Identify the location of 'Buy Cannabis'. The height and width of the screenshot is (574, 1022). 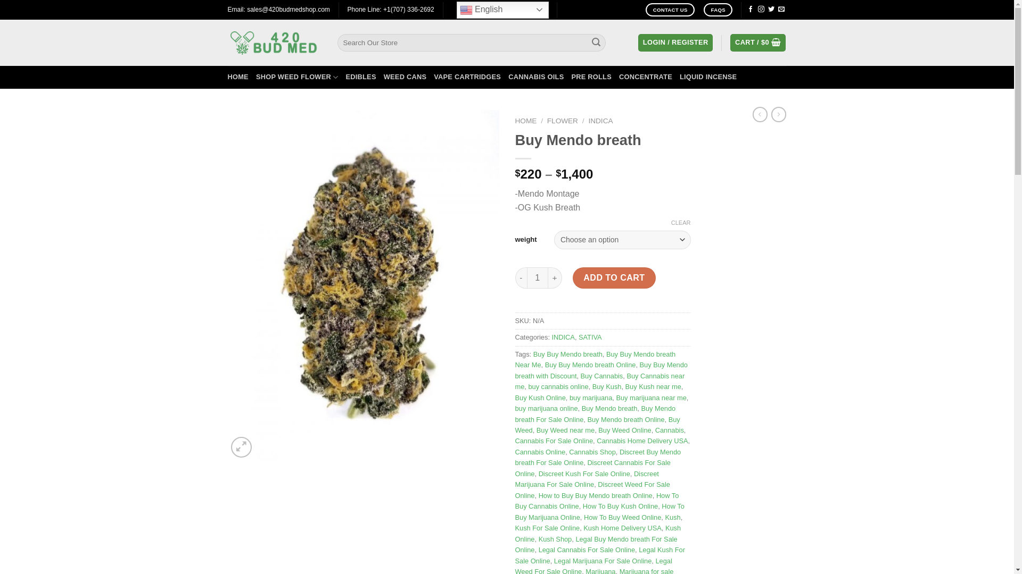
(602, 375).